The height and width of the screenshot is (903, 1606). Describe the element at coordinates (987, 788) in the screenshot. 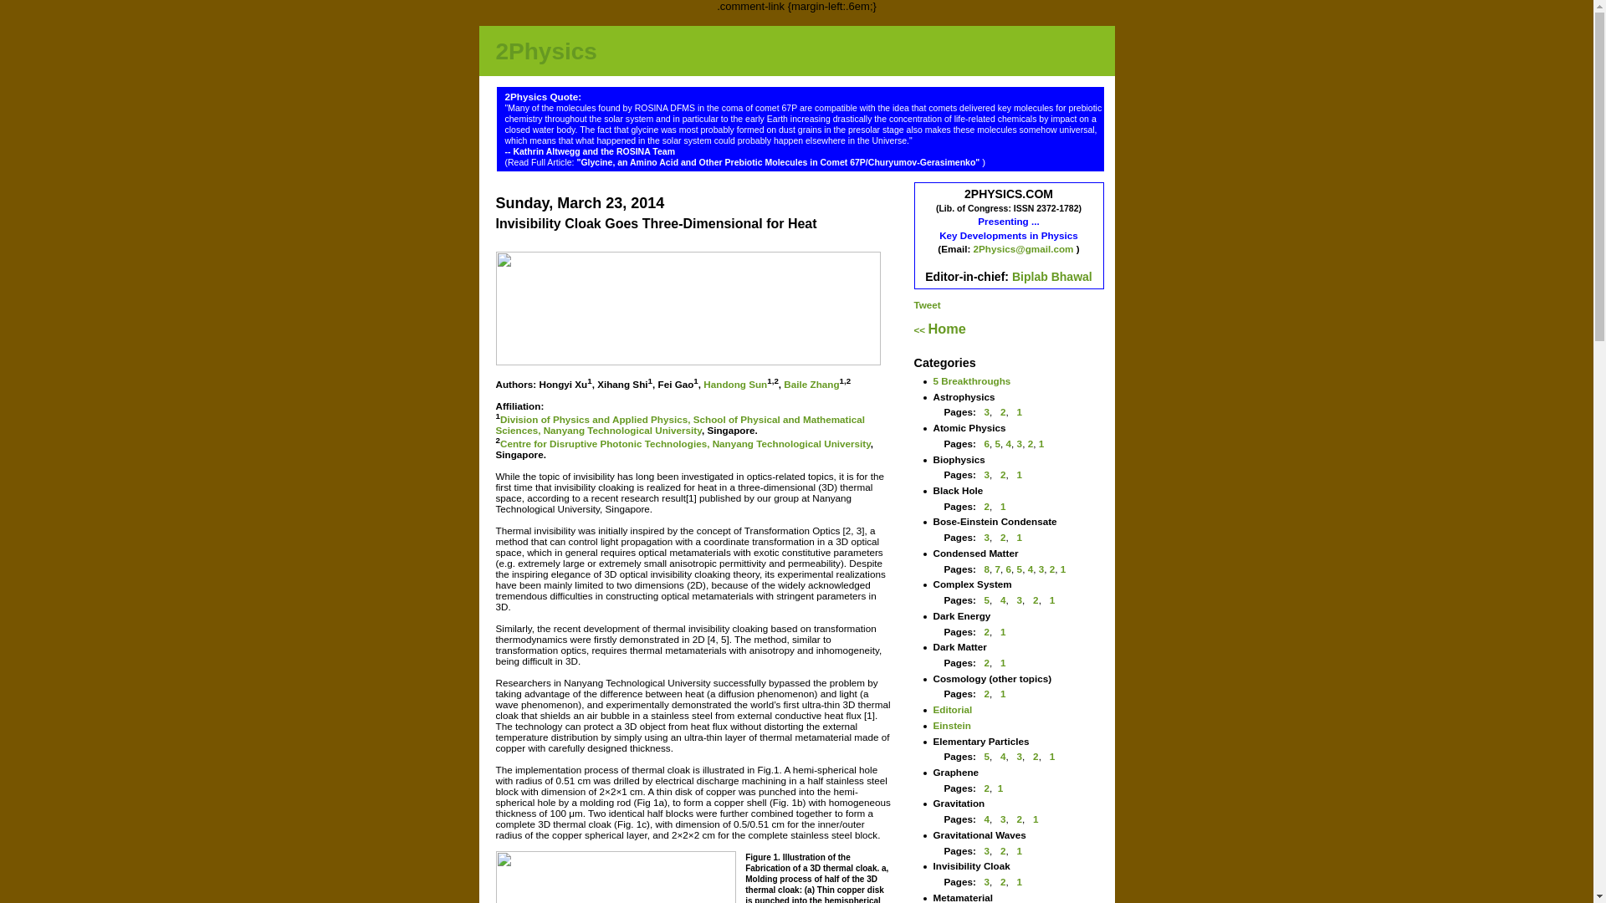

I see `'2'` at that location.